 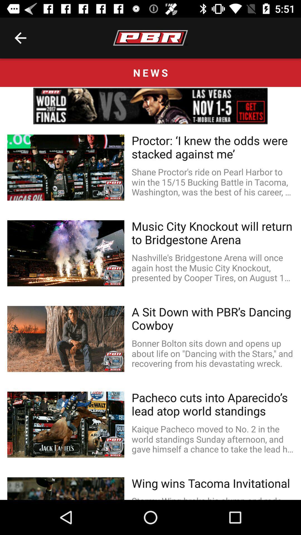 What do you see at coordinates (151, 106) in the screenshot?
I see `linked page` at bounding box center [151, 106].